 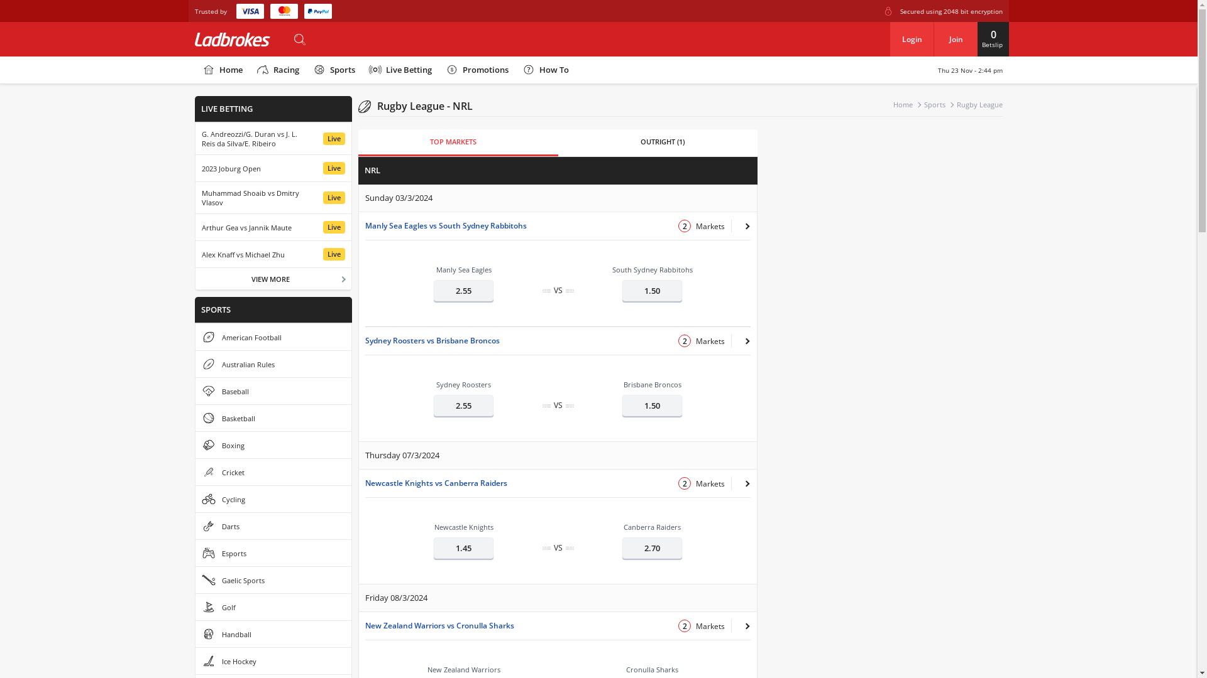 I want to click on 'G. Andreozzi/G. Duran vs J. L. Reis da Silva/E. Ribeiro, so click(x=273, y=138).